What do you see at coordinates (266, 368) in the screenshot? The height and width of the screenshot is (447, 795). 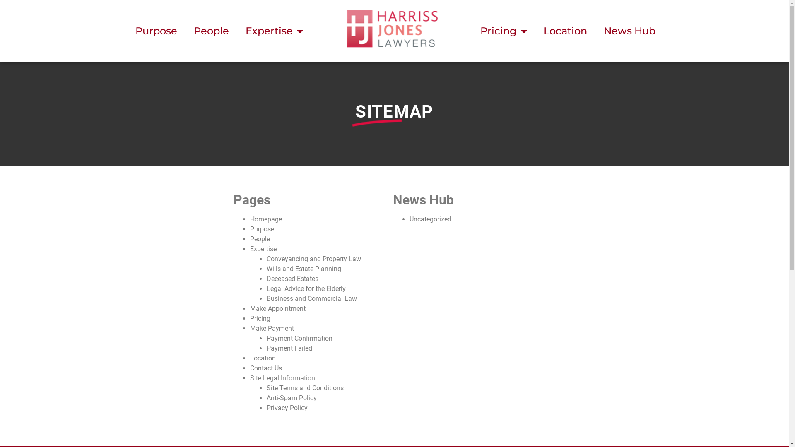 I see `'Contact Us'` at bounding box center [266, 368].